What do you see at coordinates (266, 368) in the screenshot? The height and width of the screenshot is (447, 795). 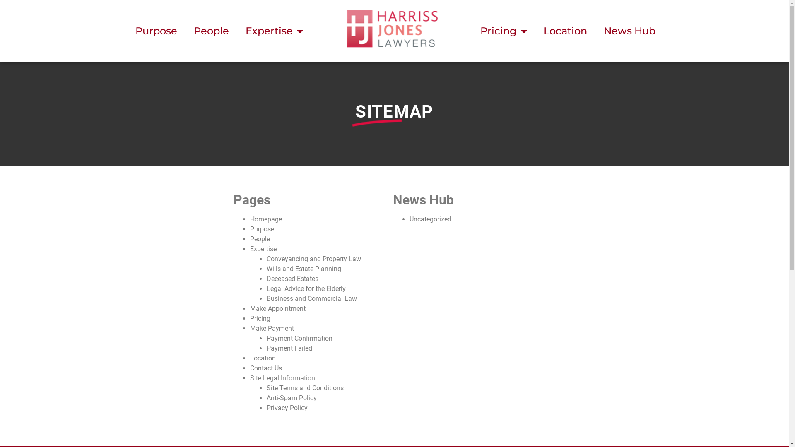 I see `'Contact Us'` at bounding box center [266, 368].